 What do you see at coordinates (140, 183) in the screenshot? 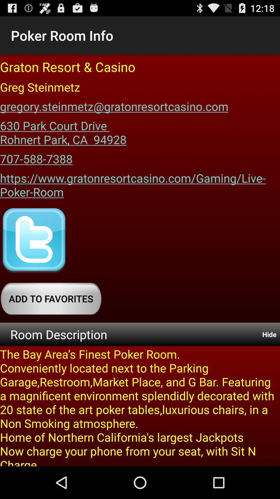
I see `https www gratonresortcasino icon` at bounding box center [140, 183].